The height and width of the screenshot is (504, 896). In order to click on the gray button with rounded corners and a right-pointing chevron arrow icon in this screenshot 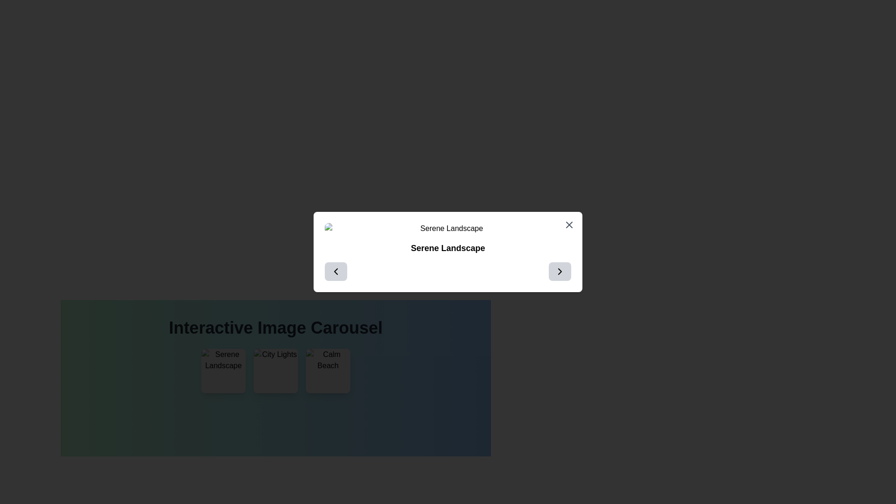, I will do `click(560, 272)`.